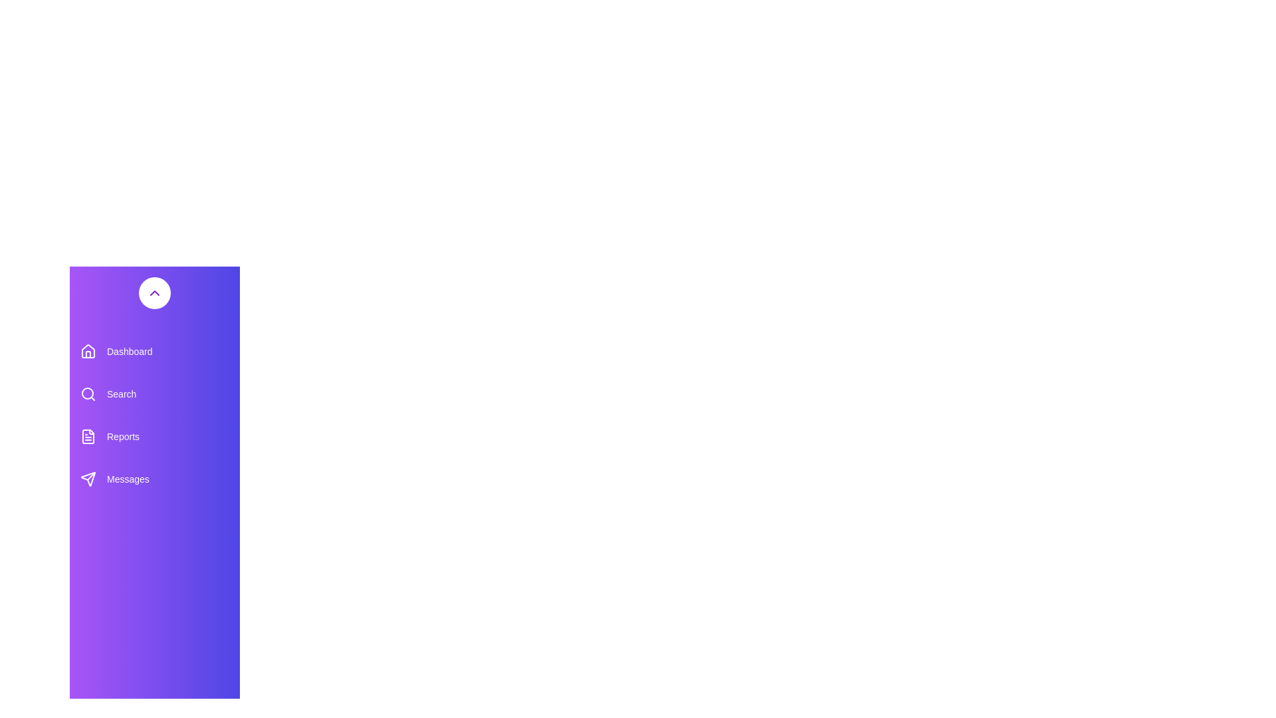 The width and height of the screenshot is (1276, 718). Describe the element at coordinates (155, 292) in the screenshot. I see `the interactive button located in the top section of the vertical menu on the left side of the interface` at that location.